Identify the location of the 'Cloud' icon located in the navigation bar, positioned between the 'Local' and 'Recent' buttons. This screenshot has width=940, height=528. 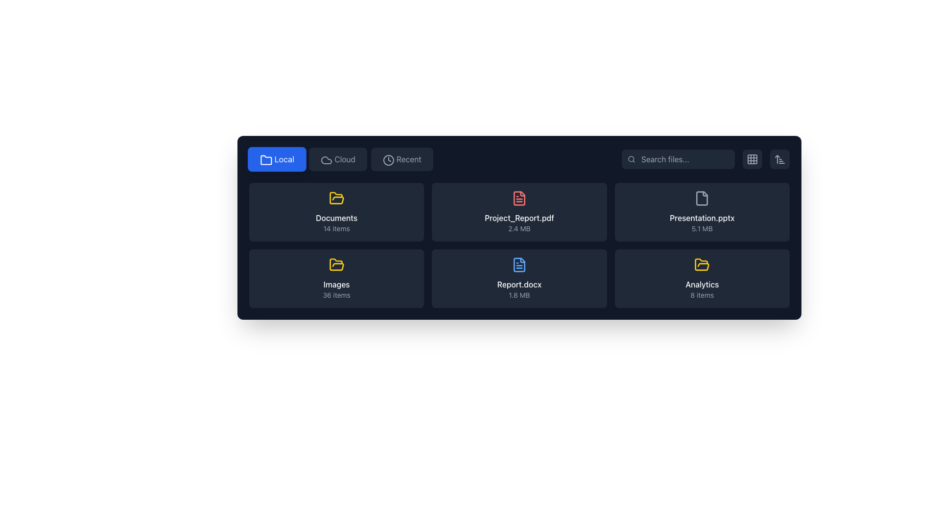
(327, 159).